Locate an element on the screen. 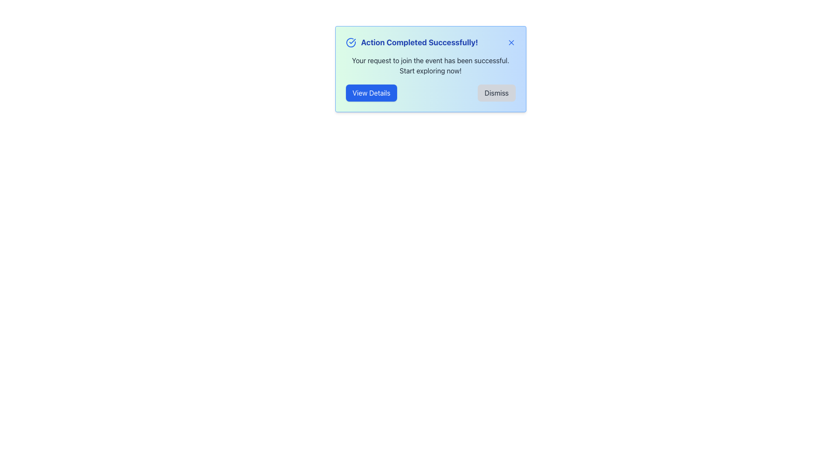 Image resolution: width=819 pixels, height=461 pixels. notification header that displays the text 'Action Completed Successfully!' in bold, bright blue, alongside a blue circle icon with a checkmark, centered within the notification pop-up is located at coordinates (412, 43).